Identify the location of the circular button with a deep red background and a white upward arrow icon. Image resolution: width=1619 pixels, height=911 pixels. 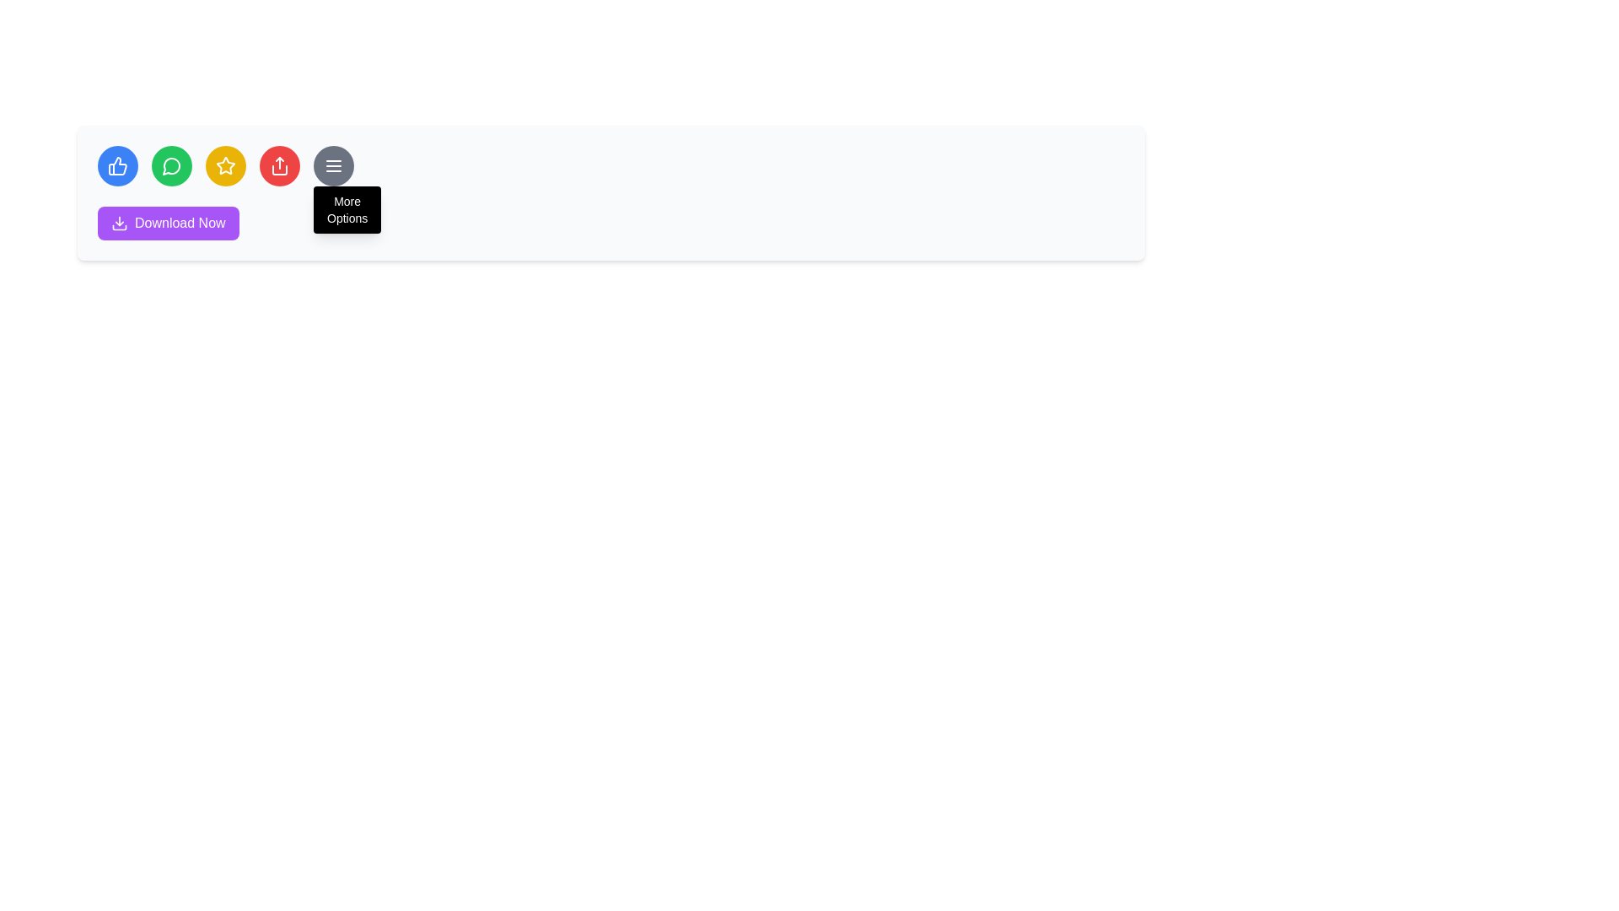
(279, 165).